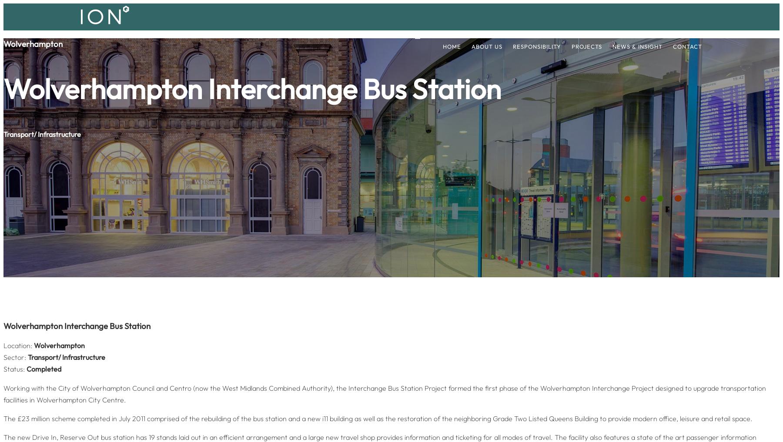  Describe the element at coordinates (126, 209) in the screenshot. I see `'© 2023 Ion Development. All rights reserved.'` at that location.